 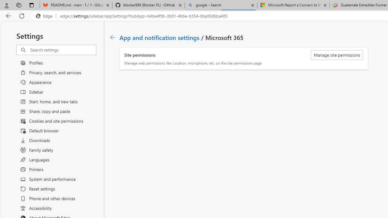 I want to click on 'App and notification settings', so click(x=160, y=37).